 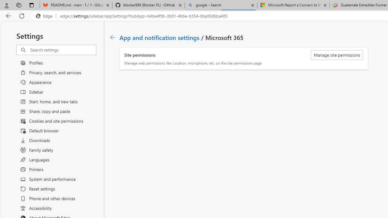 I want to click on 'App and notification settings', so click(x=160, y=37).